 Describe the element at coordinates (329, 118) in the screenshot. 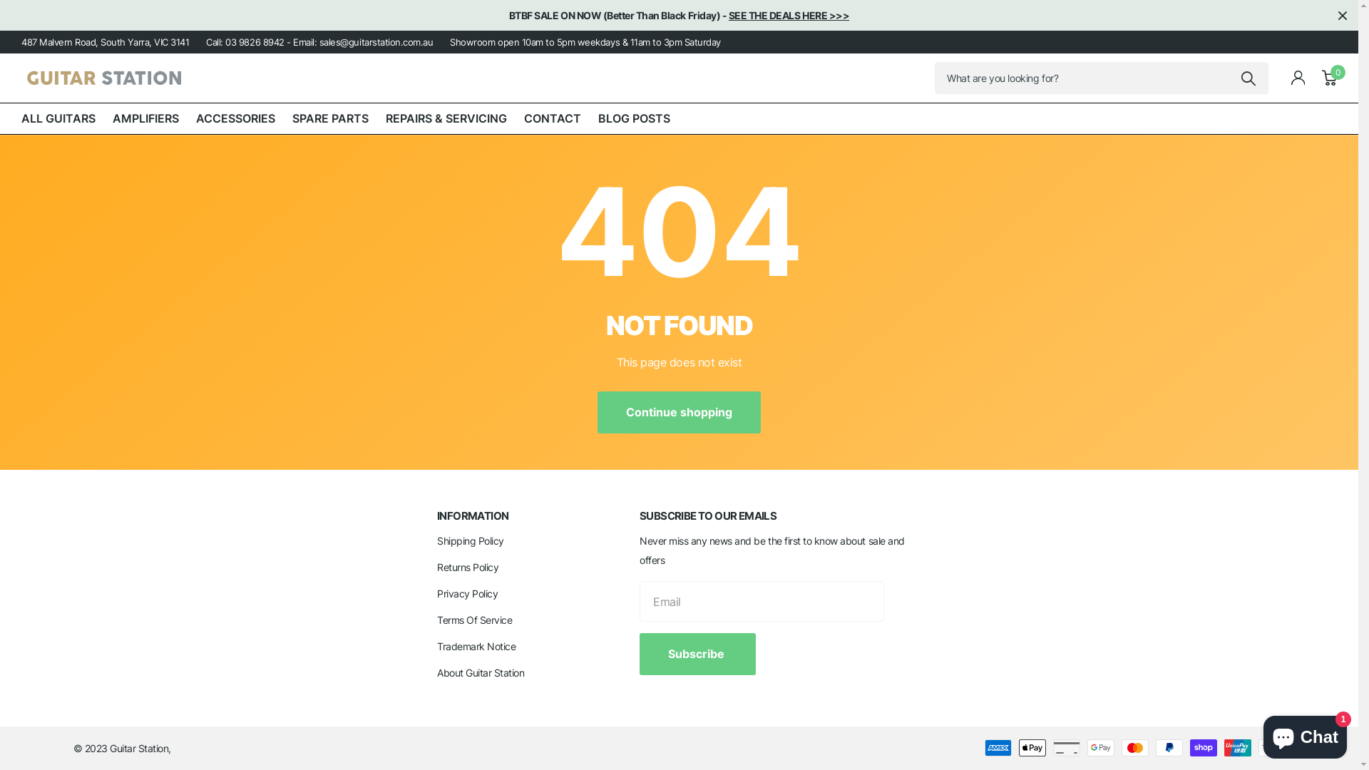

I see `'SPARE PARTS'` at that location.